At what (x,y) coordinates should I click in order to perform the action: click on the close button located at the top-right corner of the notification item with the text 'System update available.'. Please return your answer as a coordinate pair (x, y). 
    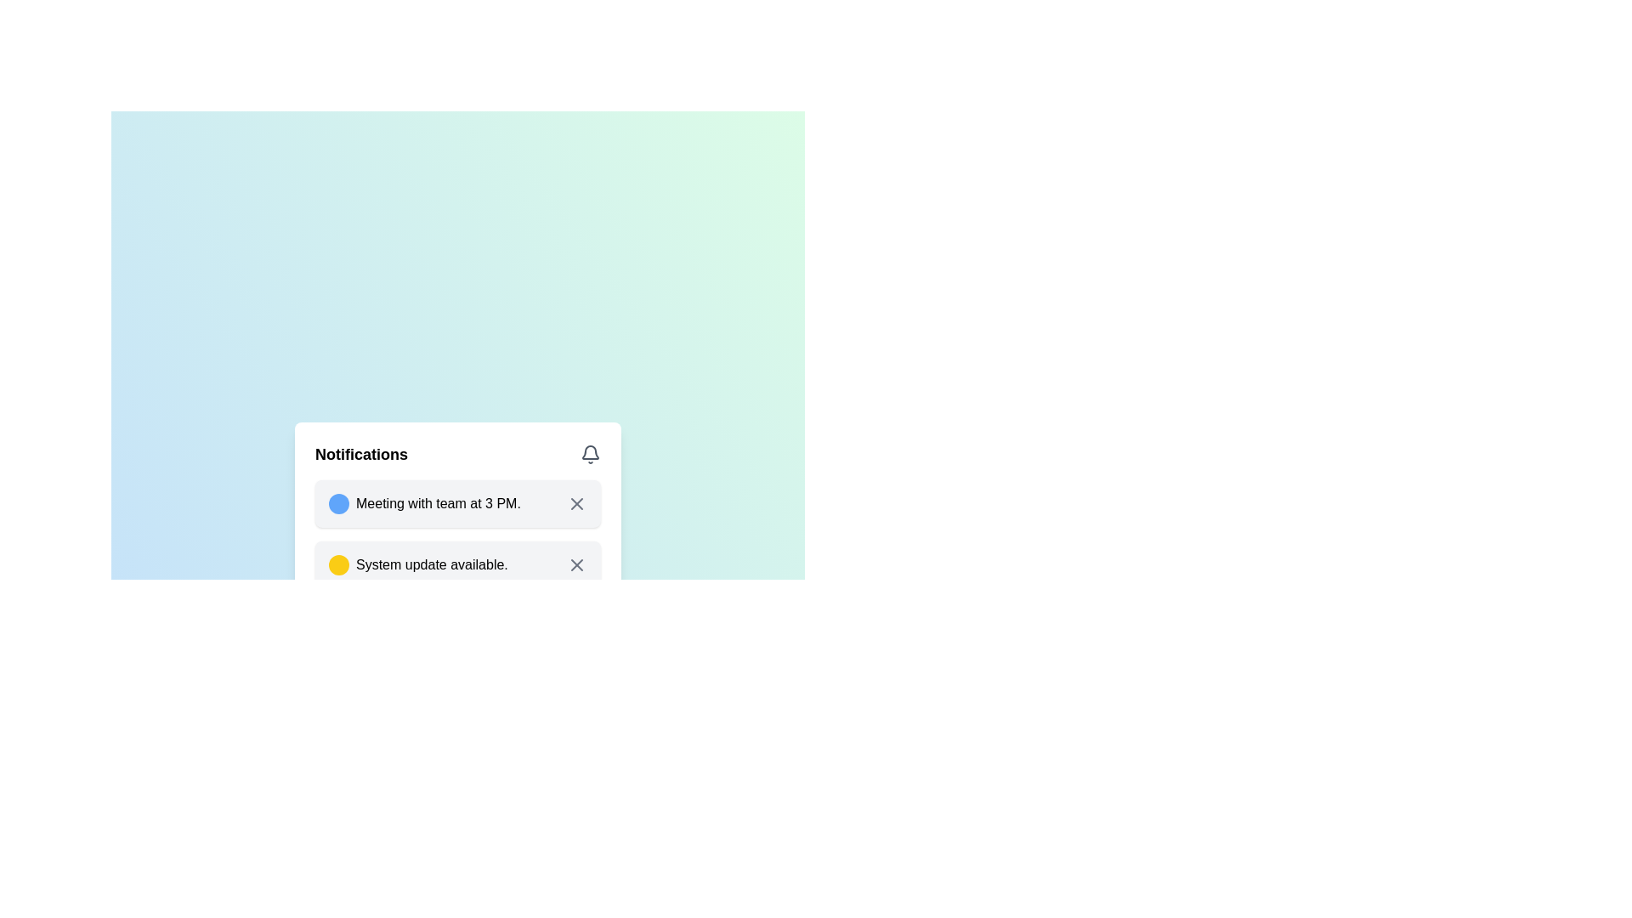
    Looking at the image, I should click on (576, 564).